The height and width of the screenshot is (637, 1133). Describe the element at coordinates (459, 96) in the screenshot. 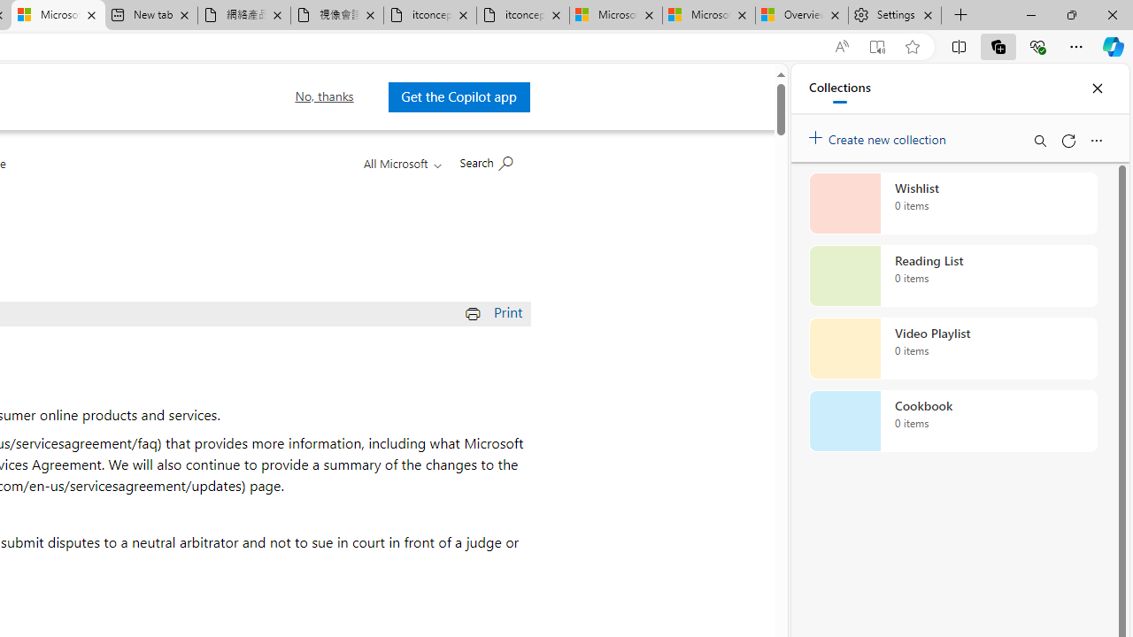

I see `'Get the Copilot app '` at that location.